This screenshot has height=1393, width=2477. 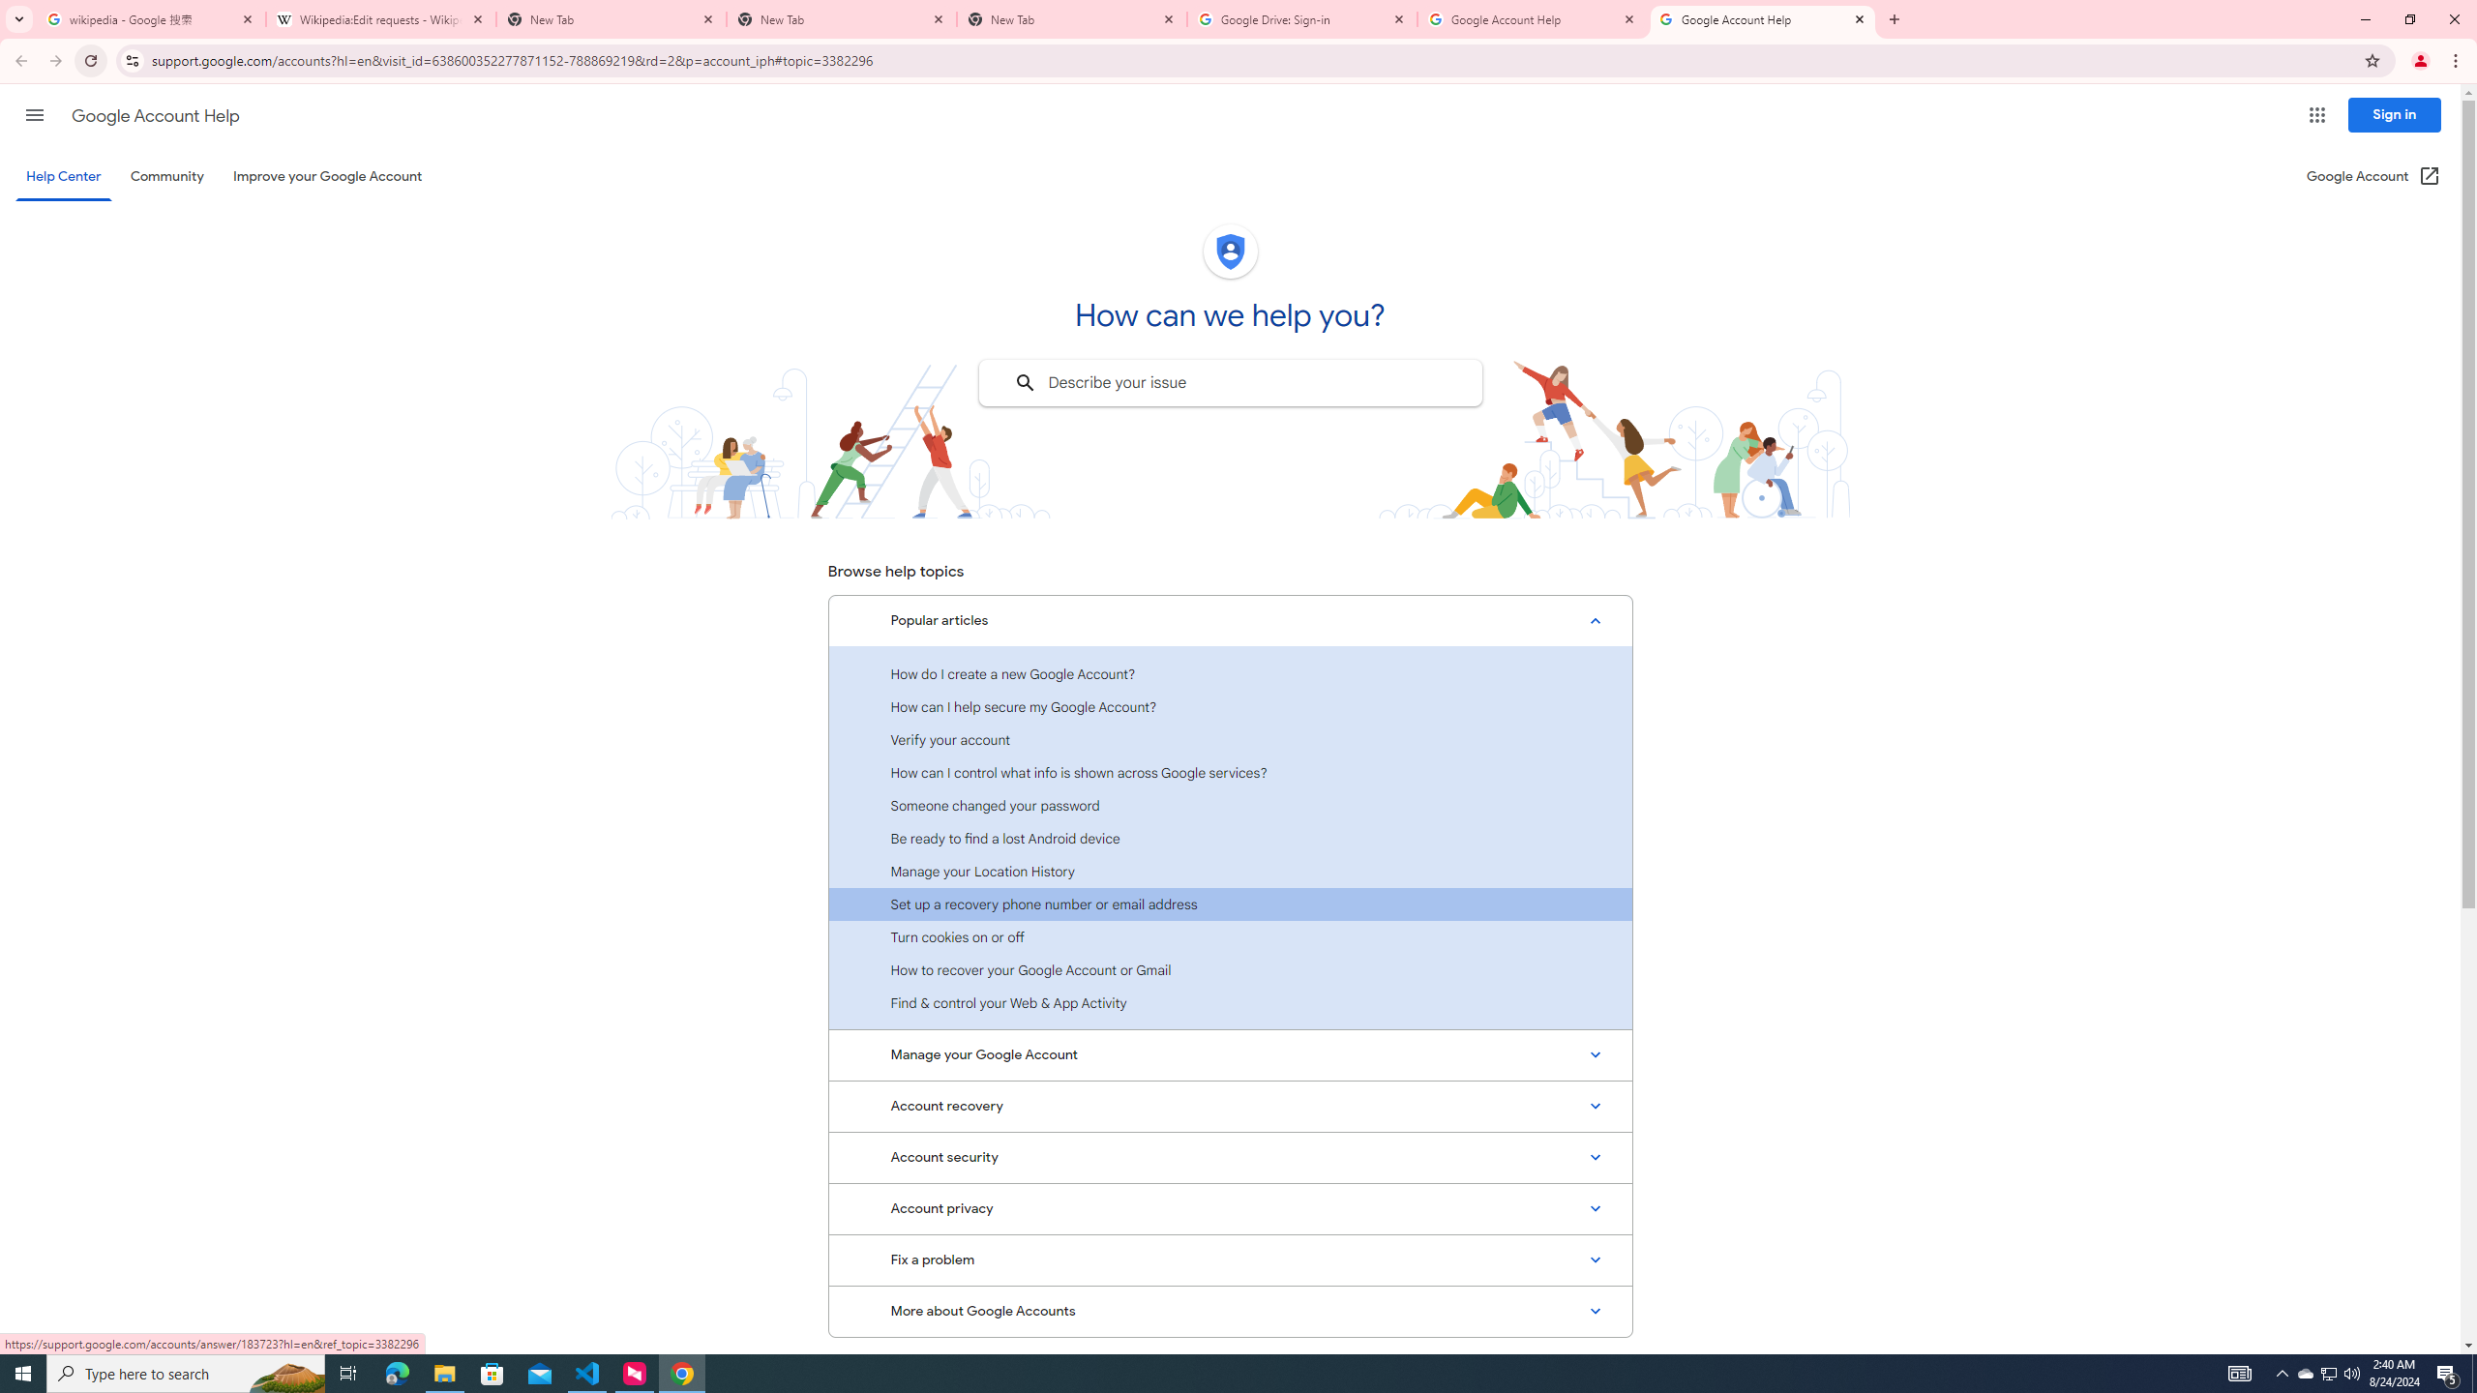 I want to click on 'Be ready to find a lost Android device', so click(x=1230, y=837).